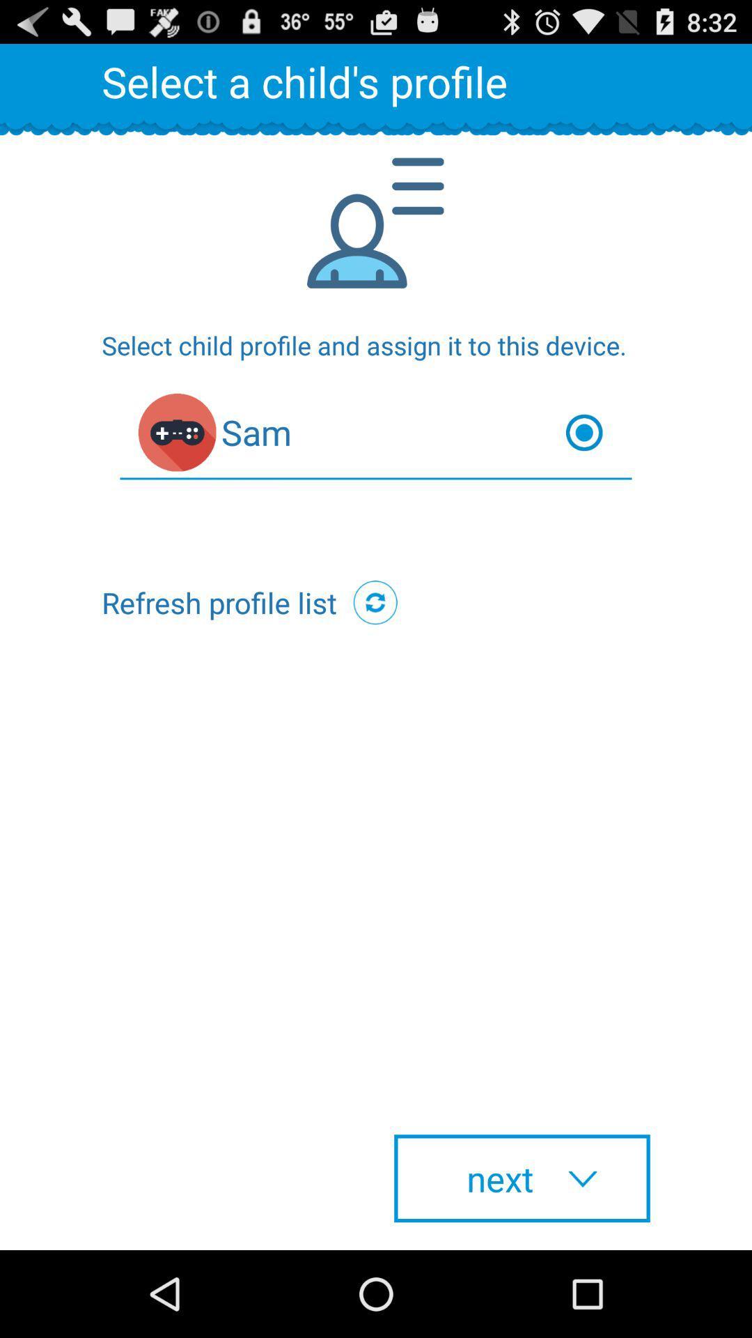 This screenshot has width=752, height=1338. I want to click on the item below the select child profile item, so click(376, 435).